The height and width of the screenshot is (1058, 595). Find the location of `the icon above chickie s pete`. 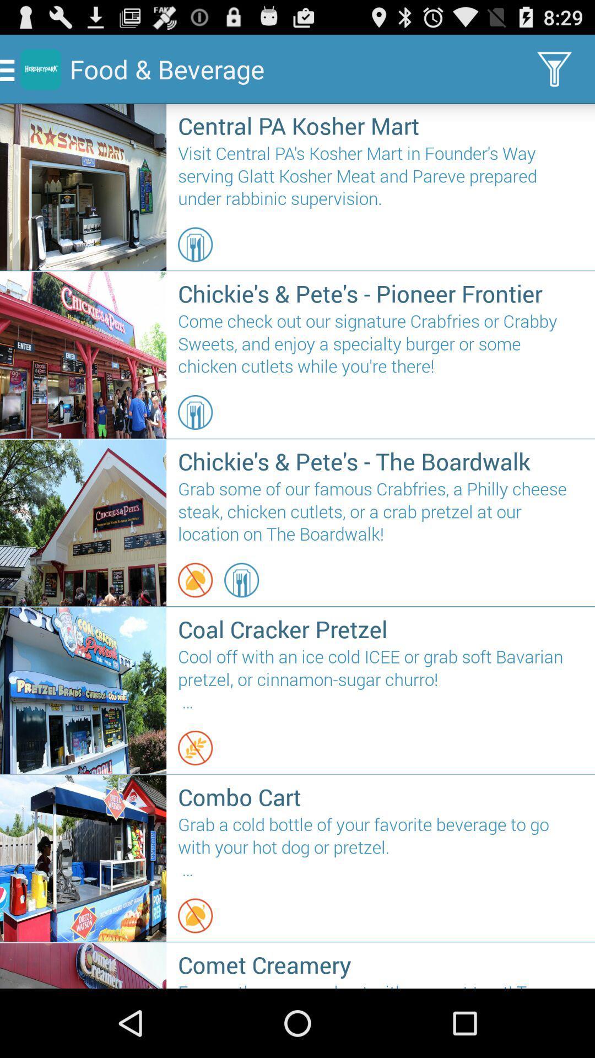

the icon above chickie s pete is located at coordinates (194, 244).